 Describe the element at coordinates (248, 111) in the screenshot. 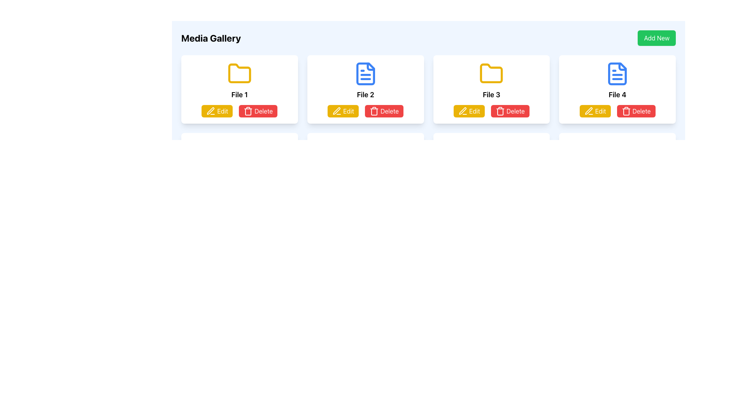

I see `the 'Delete' icon located within the 'Delete' button at the bottom right corner of the card labeled 'File 1'` at that location.